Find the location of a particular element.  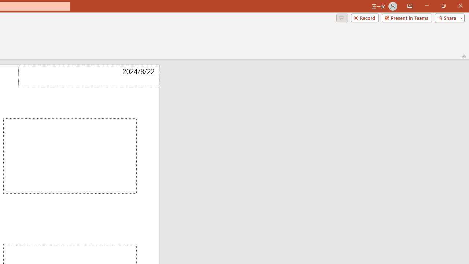

'Date' is located at coordinates (88, 76).